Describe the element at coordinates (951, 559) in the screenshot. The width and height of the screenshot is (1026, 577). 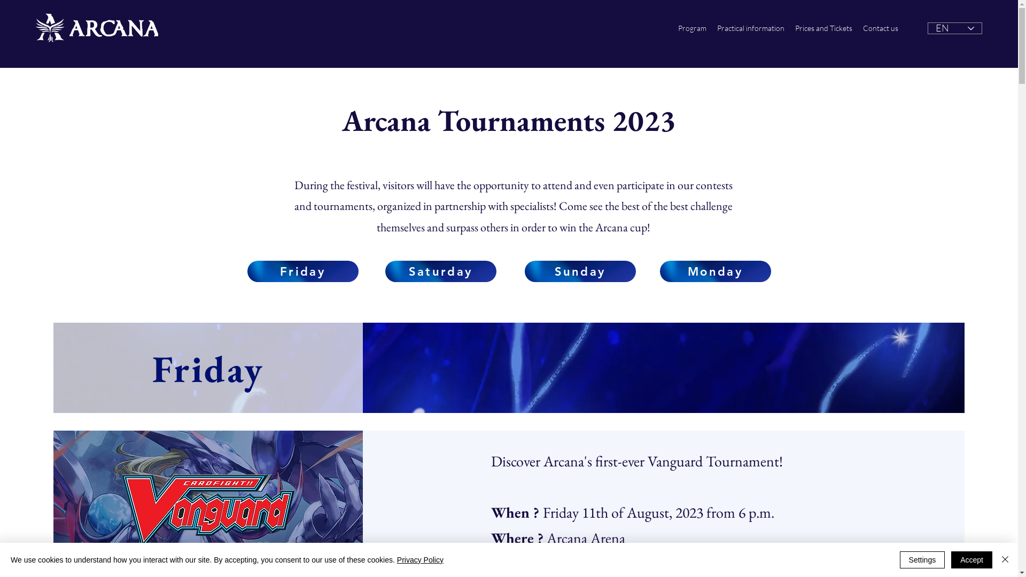
I see `'Accept'` at that location.